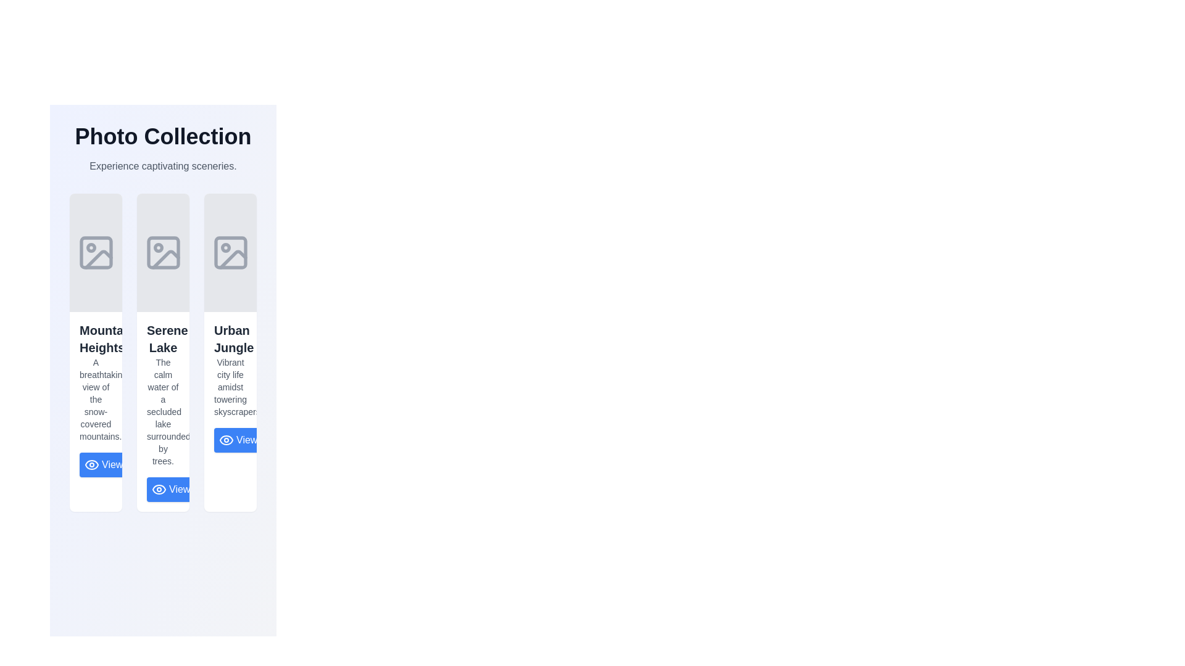  What do you see at coordinates (170, 489) in the screenshot?
I see `the 'View' button with a blue background and white text, located below the description of 'Serene Lake' in the middle column` at bounding box center [170, 489].